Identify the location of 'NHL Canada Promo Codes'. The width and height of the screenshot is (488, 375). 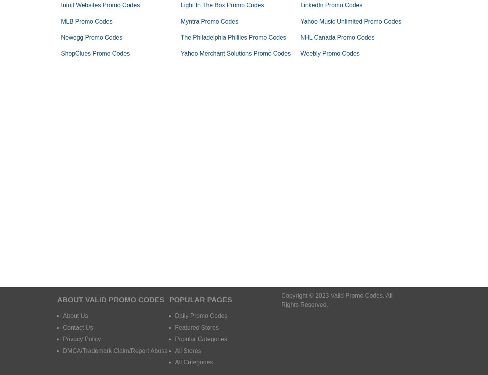
(337, 37).